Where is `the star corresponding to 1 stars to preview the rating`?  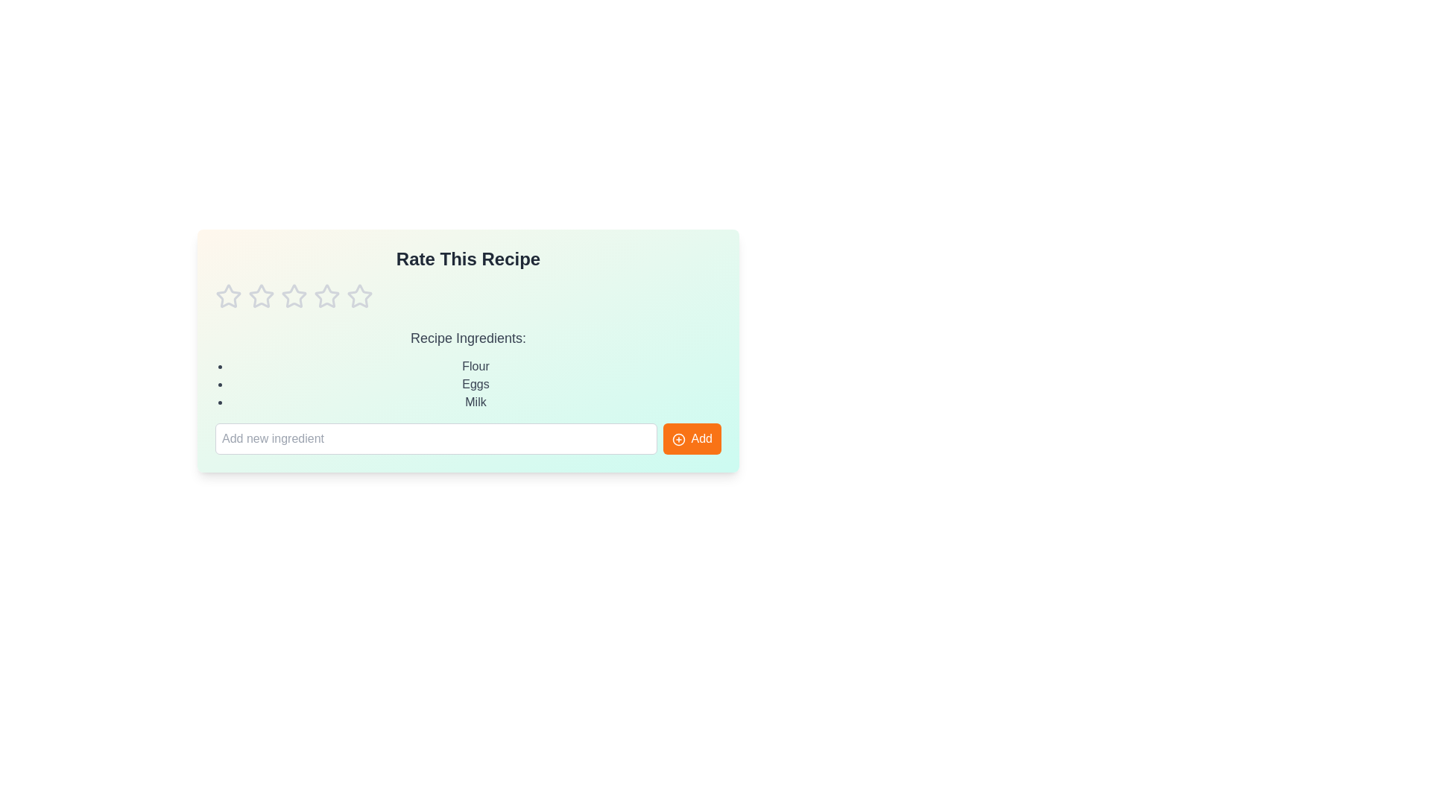
the star corresponding to 1 stars to preview the rating is located at coordinates (228, 296).